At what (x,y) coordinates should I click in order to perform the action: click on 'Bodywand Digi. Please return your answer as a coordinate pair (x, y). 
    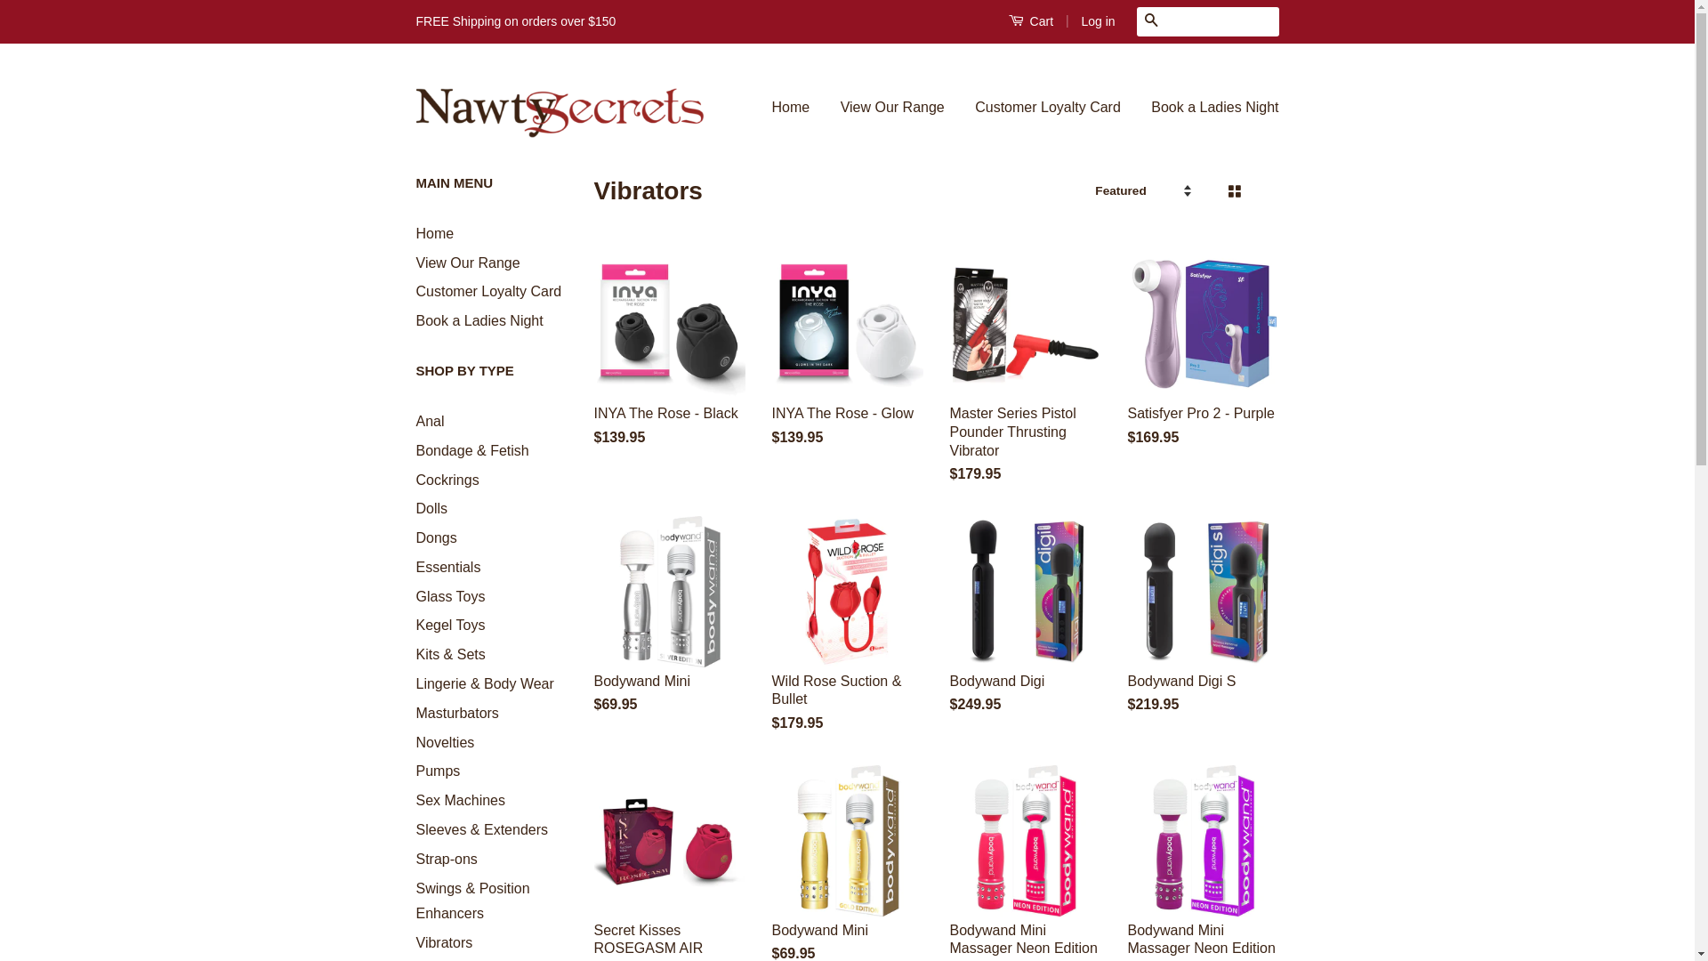
    Looking at the image, I should click on (949, 630).